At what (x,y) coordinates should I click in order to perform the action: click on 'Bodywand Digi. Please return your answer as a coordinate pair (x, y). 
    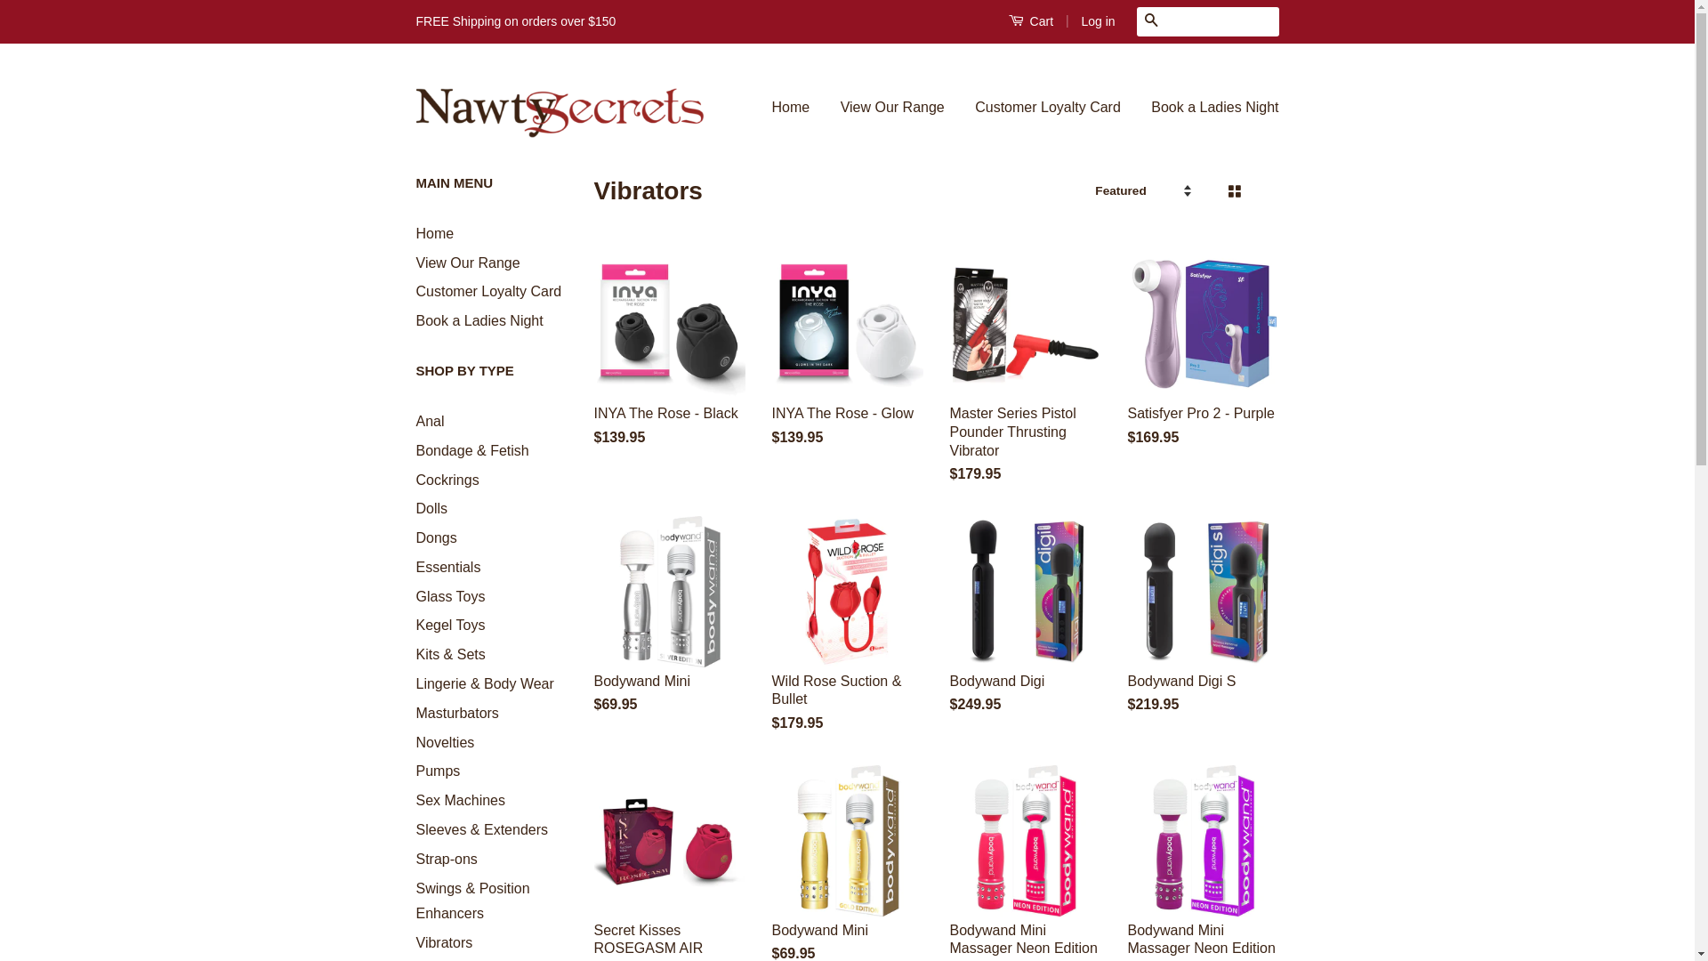
    Looking at the image, I should click on (949, 630).